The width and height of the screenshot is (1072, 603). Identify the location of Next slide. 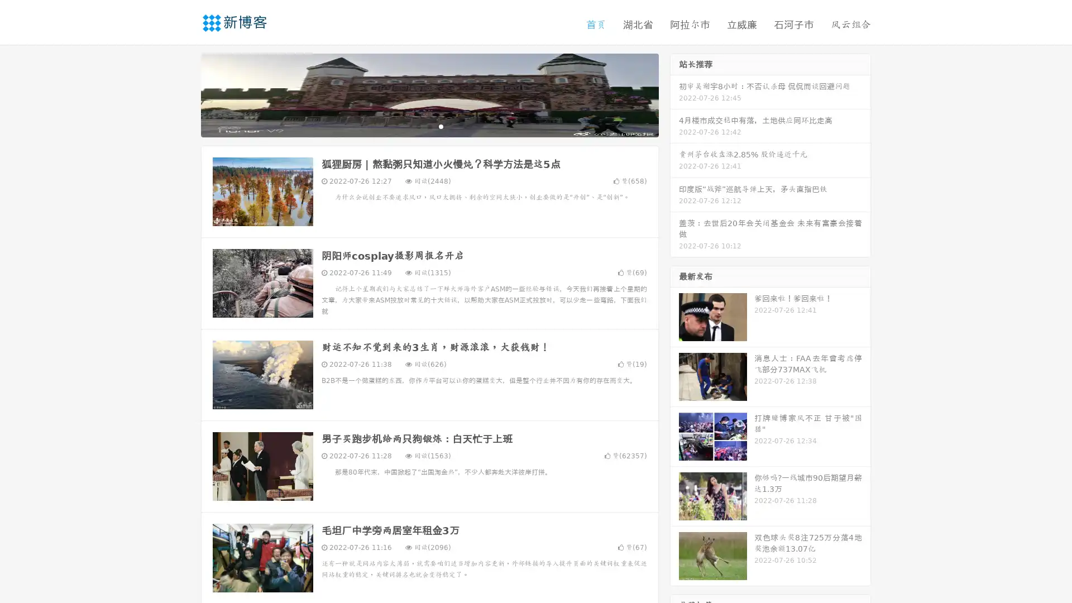
(674, 94).